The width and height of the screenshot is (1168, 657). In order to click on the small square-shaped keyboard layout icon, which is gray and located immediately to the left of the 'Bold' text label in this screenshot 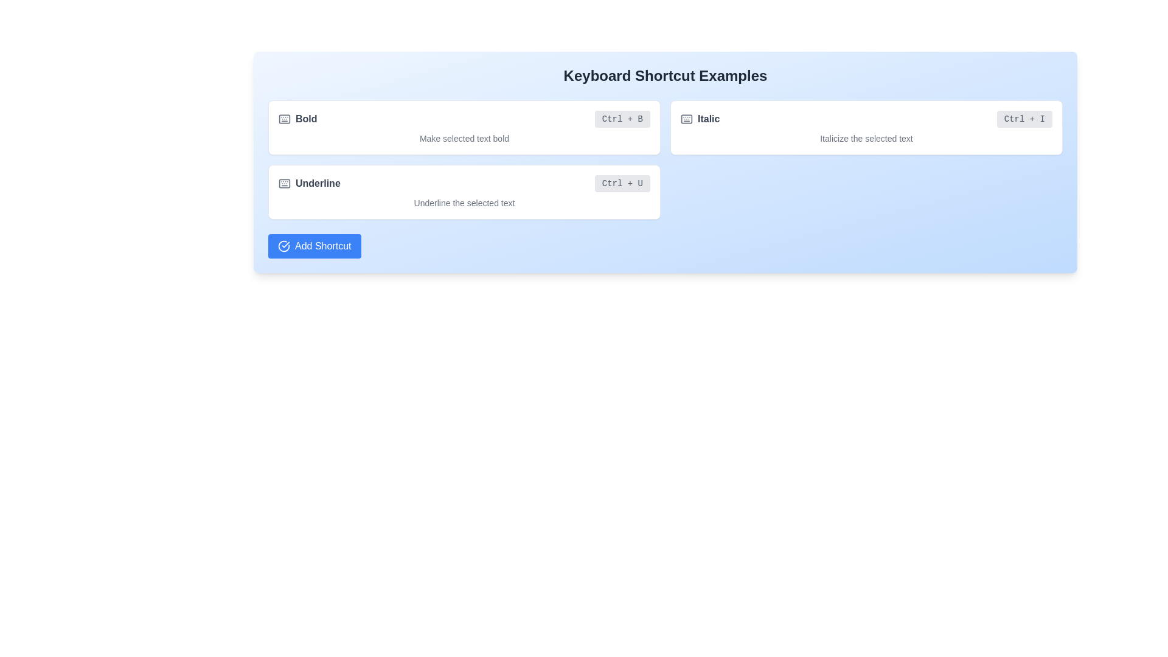, I will do `click(283, 119)`.